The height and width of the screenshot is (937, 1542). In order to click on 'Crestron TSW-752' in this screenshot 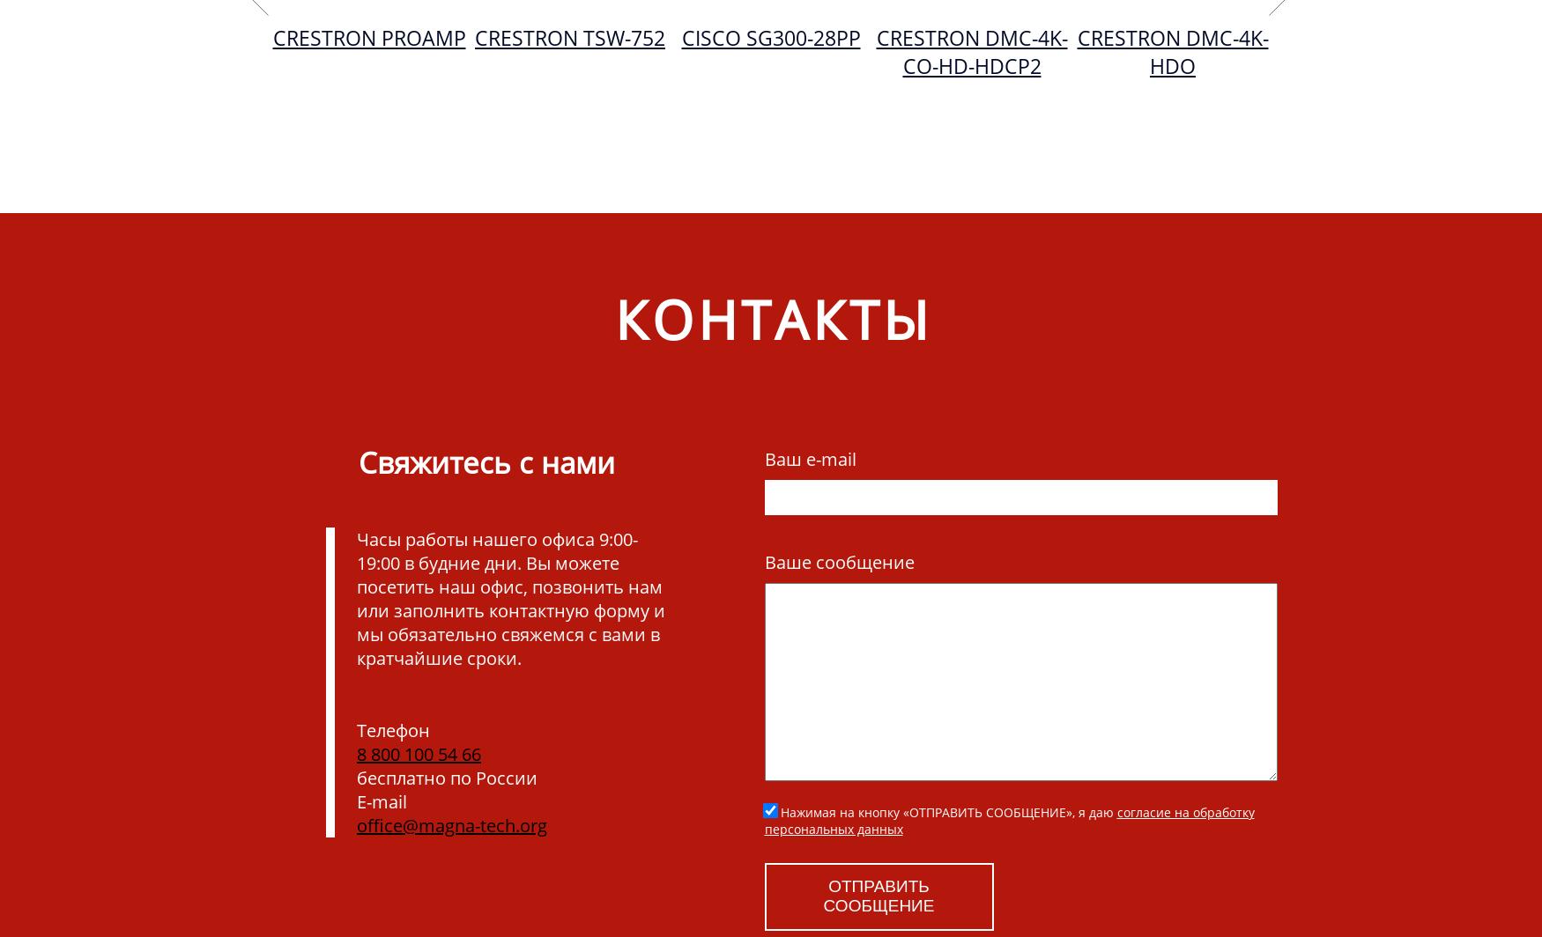, I will do `click(568, 37)`.